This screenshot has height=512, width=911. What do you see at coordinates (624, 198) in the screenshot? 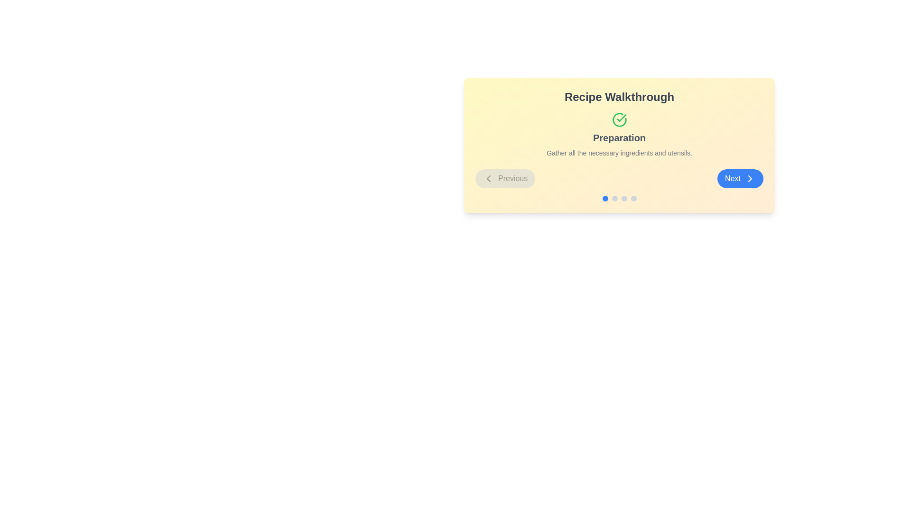
I see `the third step indicator in the multi-step process located near the bottom-center of the interface` at bounding box center [624, 198].